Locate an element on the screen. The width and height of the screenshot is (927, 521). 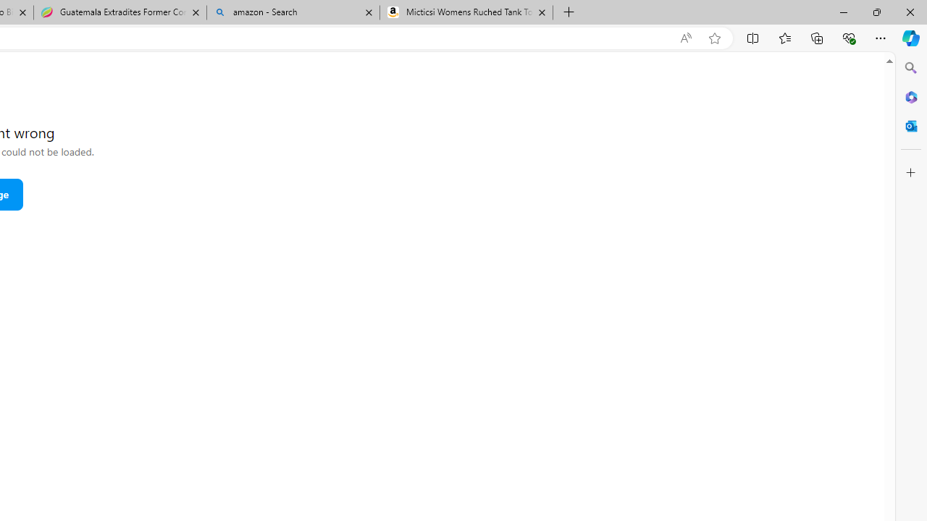
'Customize' is located at coordinates (910, 172).